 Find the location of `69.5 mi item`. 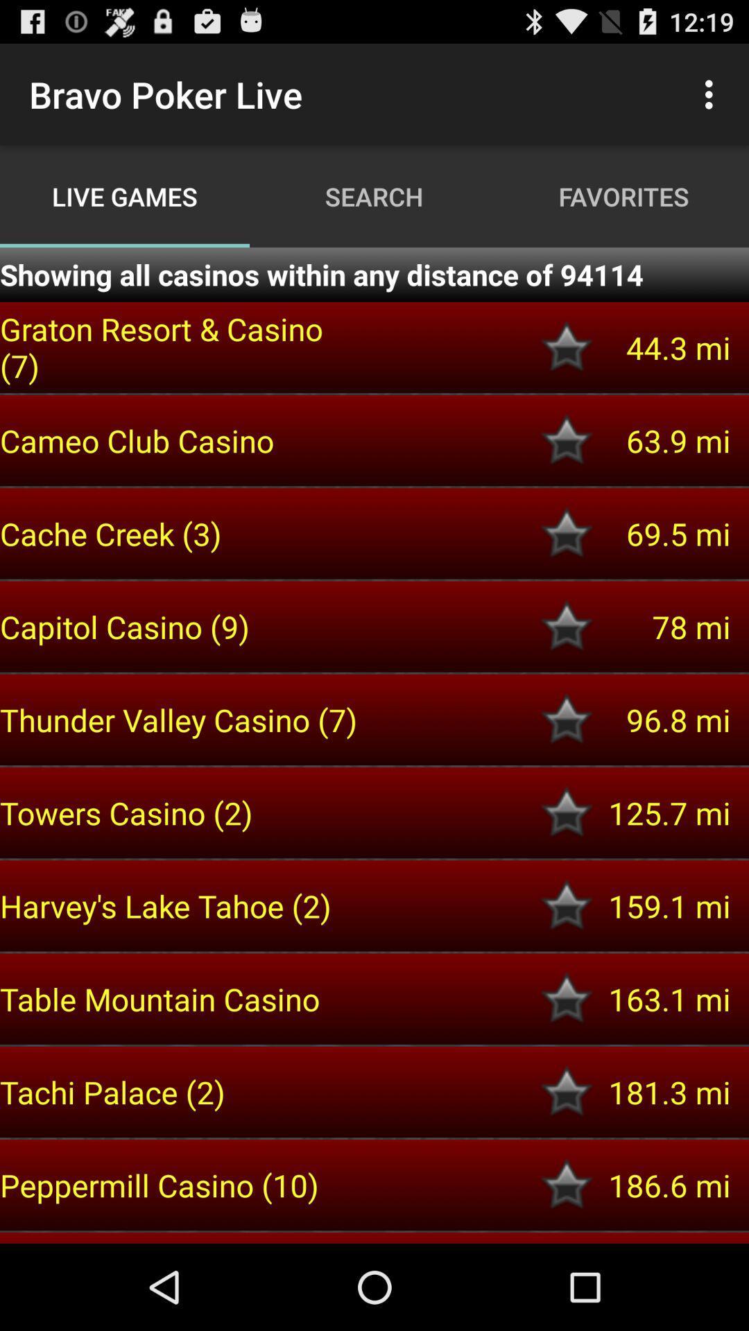

69.5 mi item is located at coordinates (662, 532).